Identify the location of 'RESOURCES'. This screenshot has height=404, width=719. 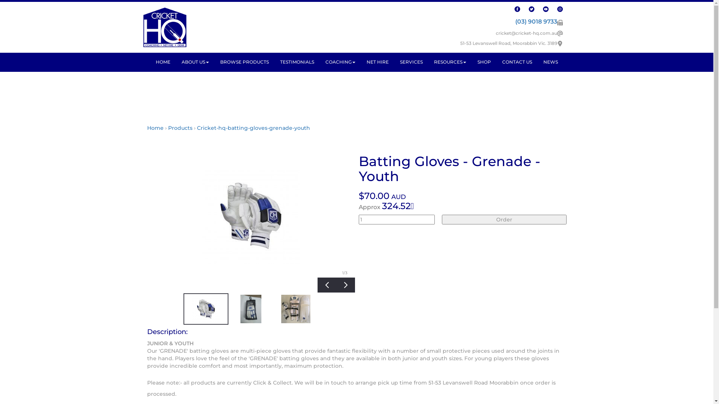
(449, 61).